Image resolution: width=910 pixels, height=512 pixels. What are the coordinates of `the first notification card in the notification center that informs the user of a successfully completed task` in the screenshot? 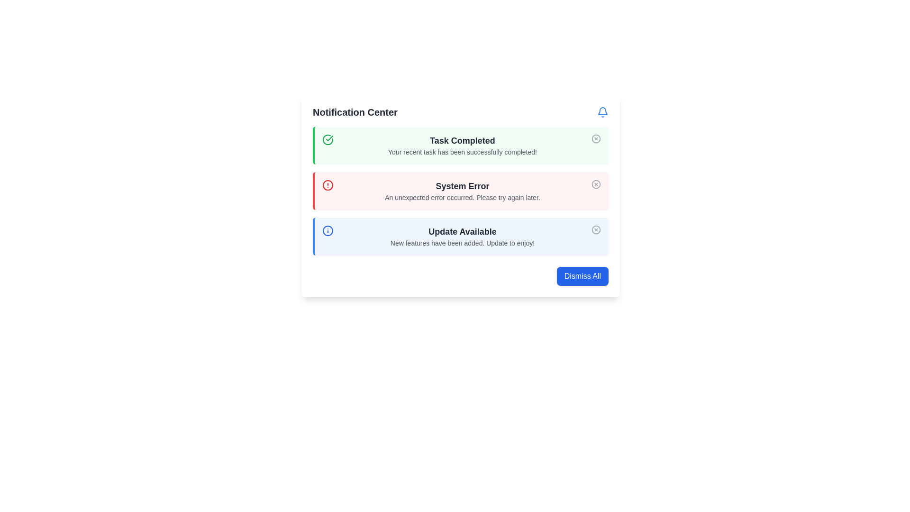 It's located at (460, 146).